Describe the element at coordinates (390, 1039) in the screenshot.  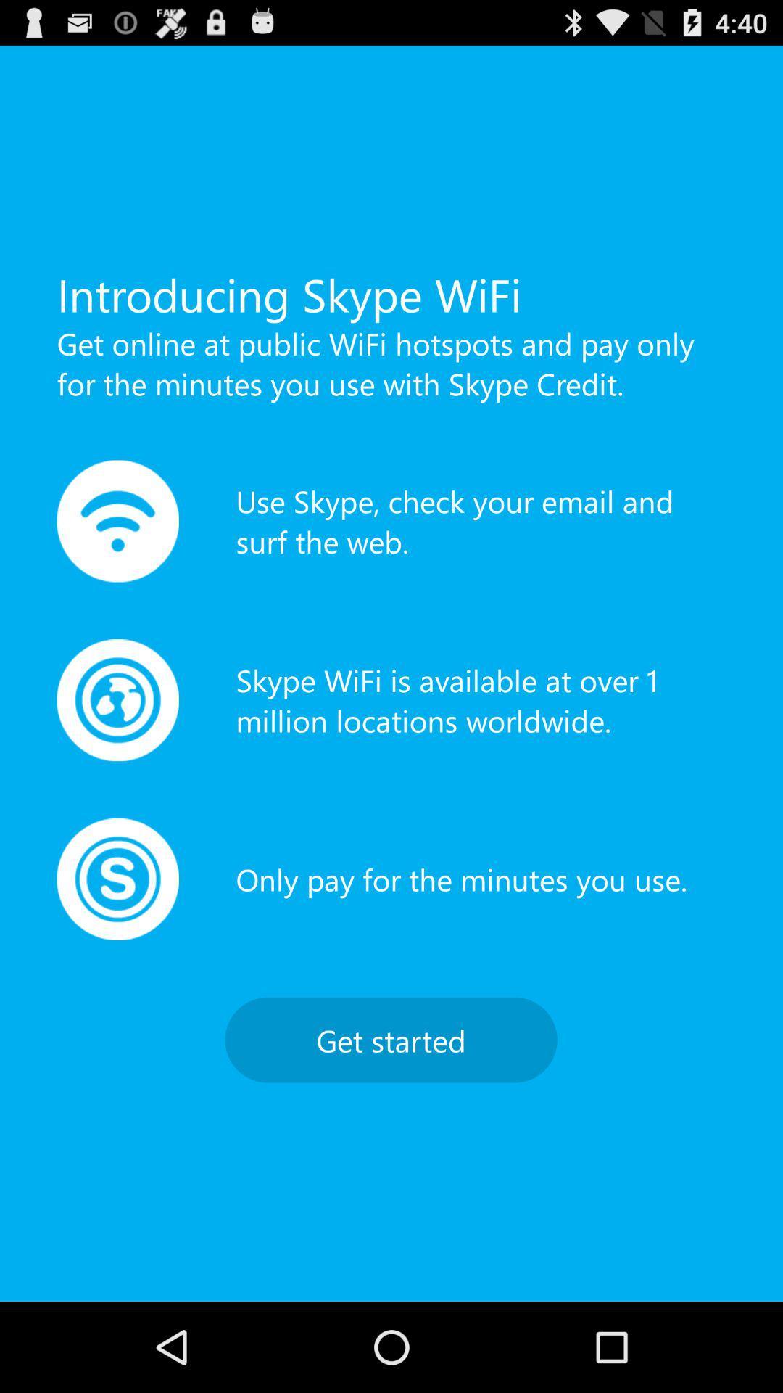
I see `get started` at that location.